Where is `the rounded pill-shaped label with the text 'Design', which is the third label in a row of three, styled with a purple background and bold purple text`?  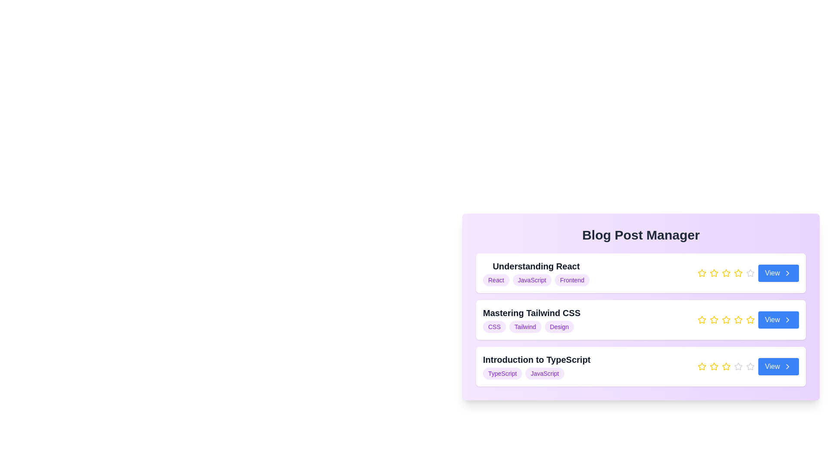 the rounded pill-shaped label with the text 'Design', which is the third label in a row of three, styled with a purple background and bold purple text is located at coordinates (559, 327).